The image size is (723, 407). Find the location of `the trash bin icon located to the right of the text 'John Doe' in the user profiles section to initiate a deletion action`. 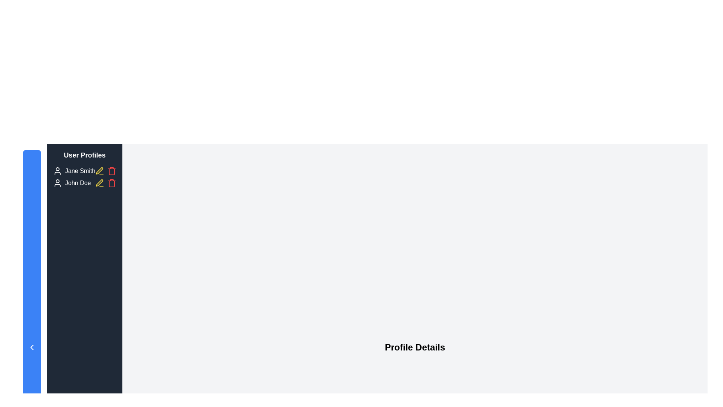

the trash bin icon located to the right of the text 'John Doe' in the user profiles section to initiate a deletion action is located at coordinates (111, 184).